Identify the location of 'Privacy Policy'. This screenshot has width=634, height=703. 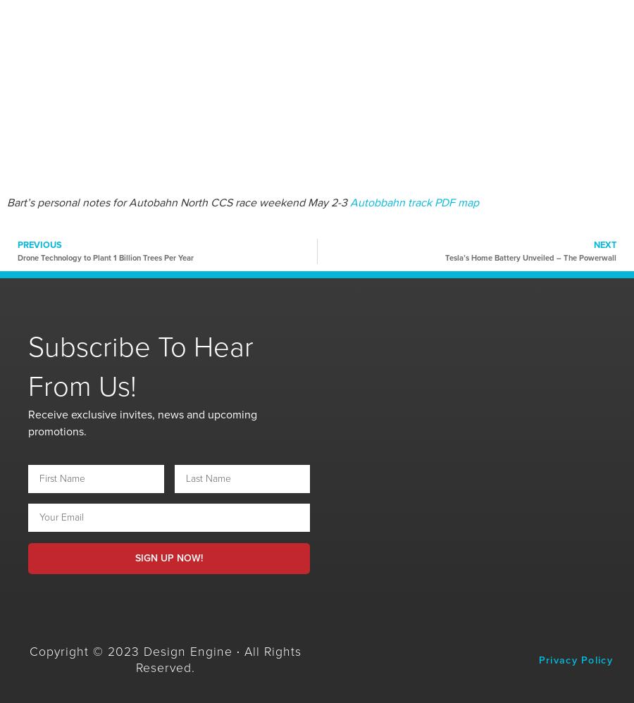
(576, 659).